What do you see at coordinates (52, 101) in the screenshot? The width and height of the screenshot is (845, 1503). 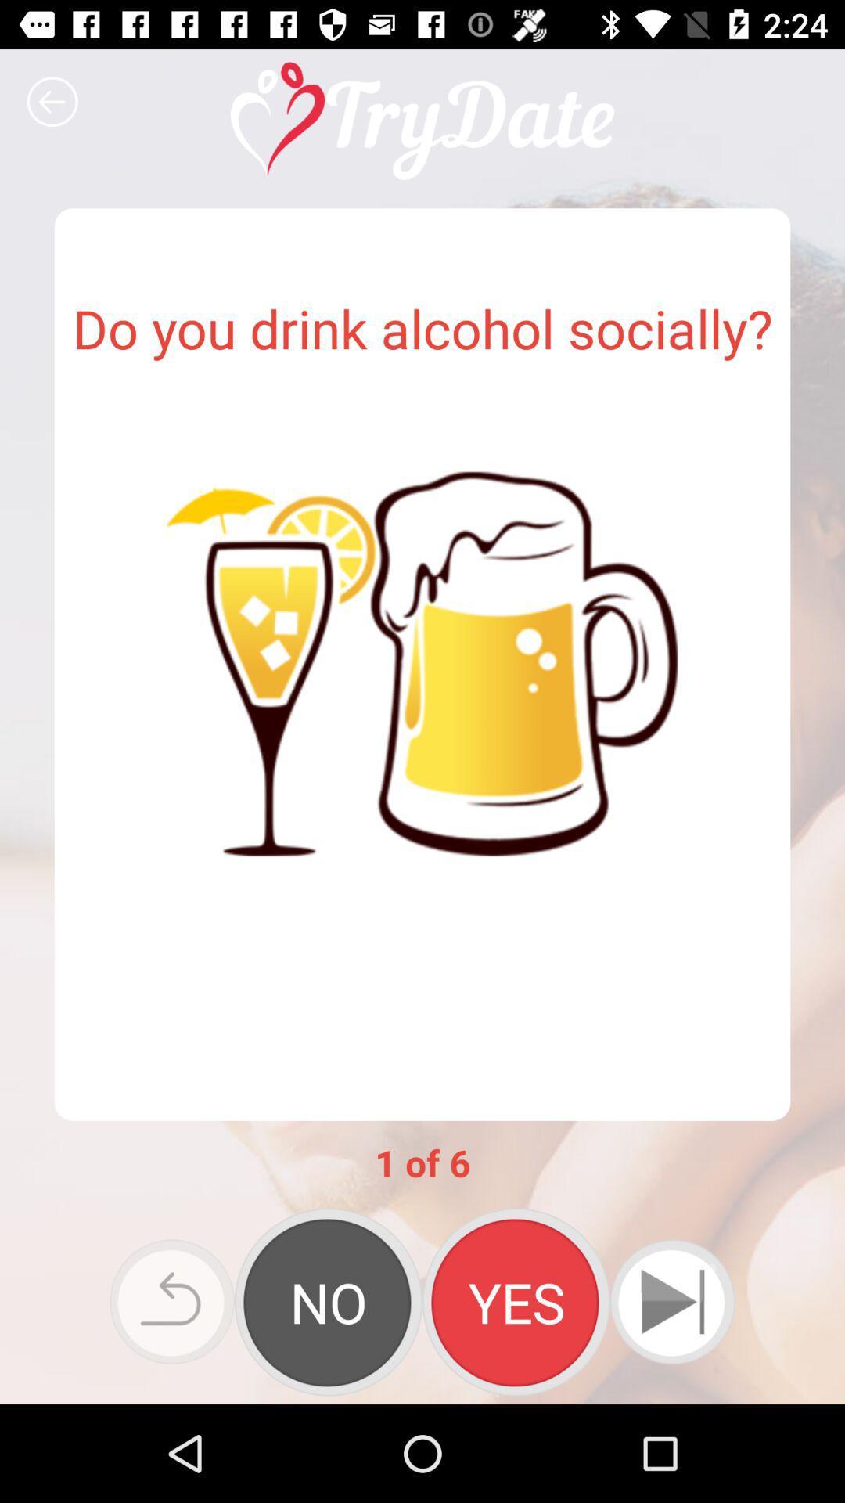 I see `previous` at bounding box center [52, 101].